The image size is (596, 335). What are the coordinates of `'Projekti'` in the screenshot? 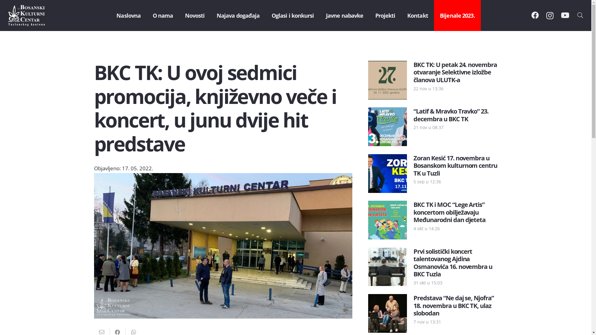 It's located at (385, 15).